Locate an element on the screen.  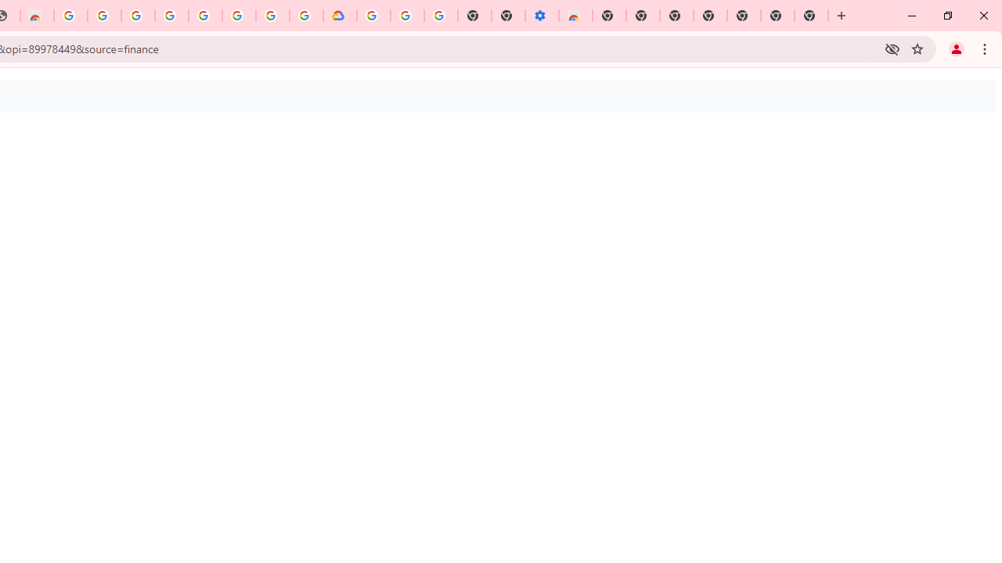
'Turn cookies on or off - Computer - Google Account Help' is located at coordinates (440, 16).